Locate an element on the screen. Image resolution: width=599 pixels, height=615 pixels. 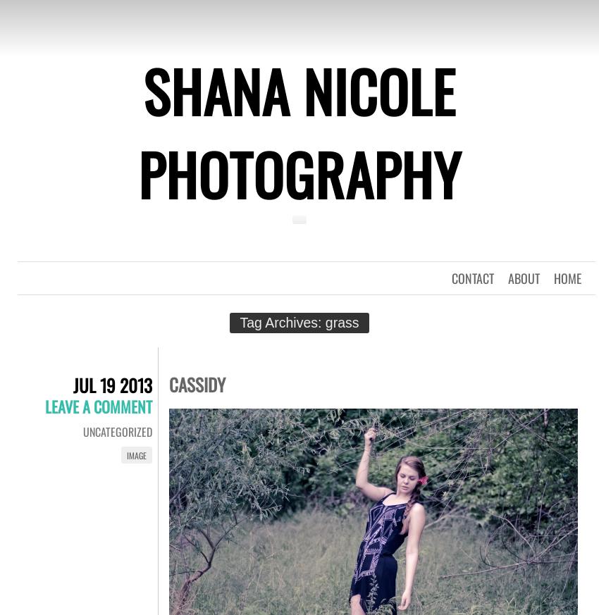
'grass' is located at coordinates (342, 322).